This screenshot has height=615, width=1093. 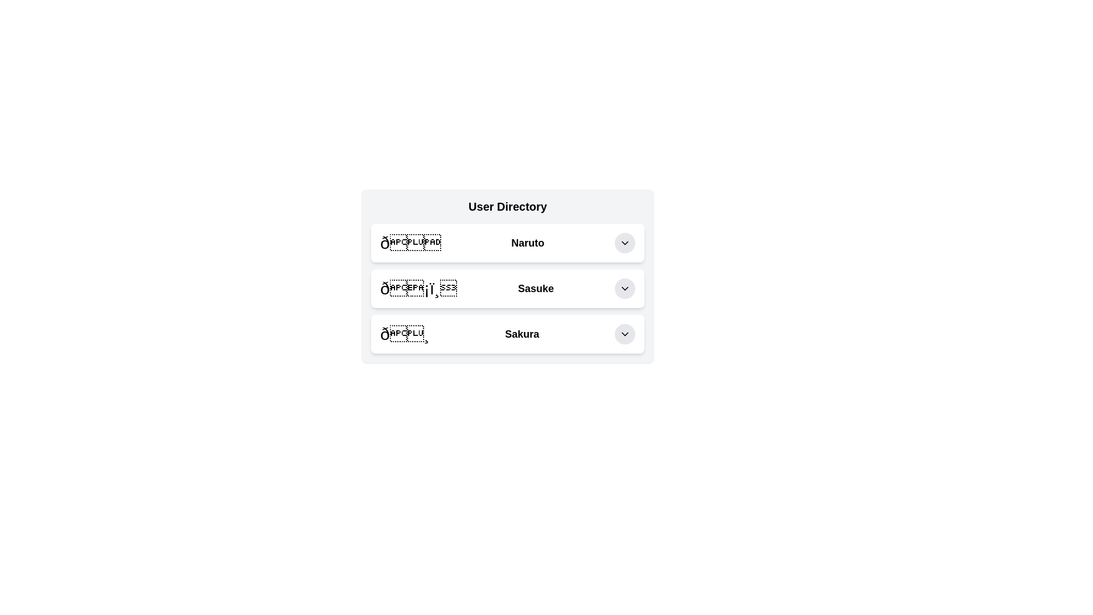 What do you see at coordinates (507, 288) in the screenshot?
I see `the second user entry in the list, which represents 'Sasuke'` at bounding box center [507, 288].